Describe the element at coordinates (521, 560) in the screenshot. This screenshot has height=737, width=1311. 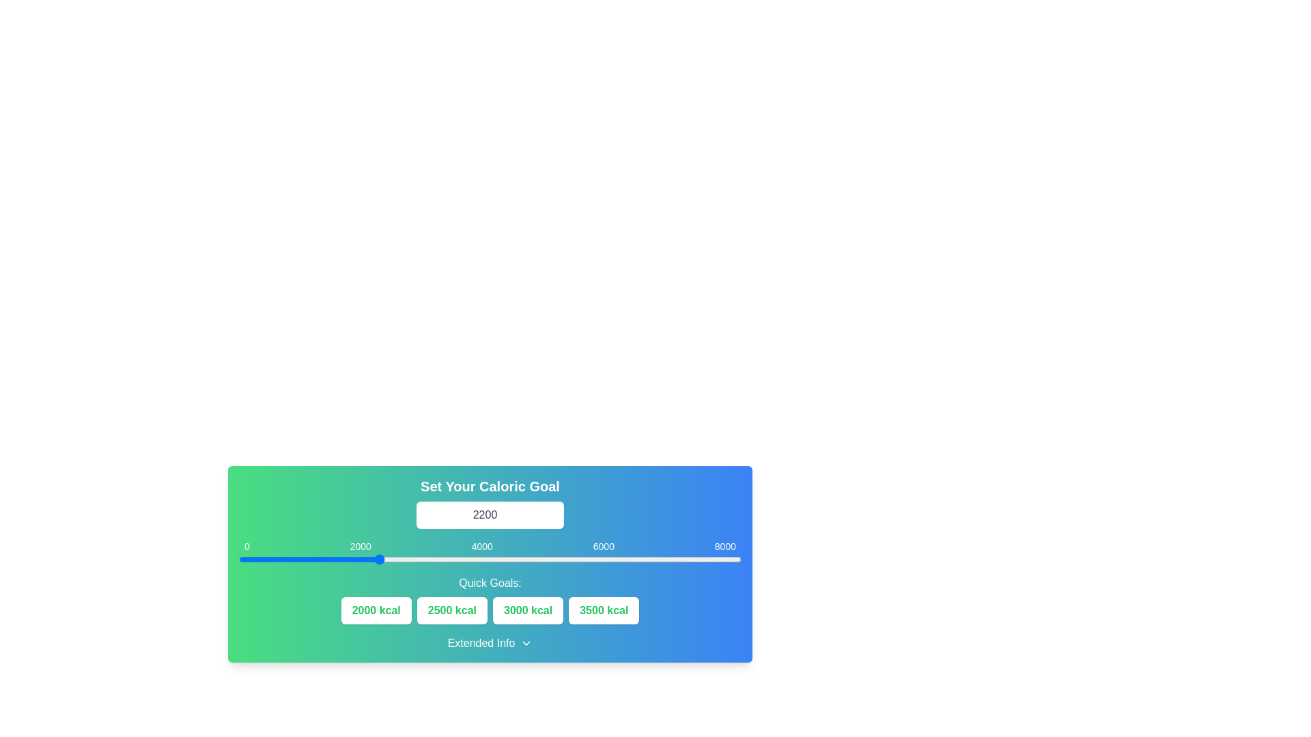
I see `the caloric goal` at that location.